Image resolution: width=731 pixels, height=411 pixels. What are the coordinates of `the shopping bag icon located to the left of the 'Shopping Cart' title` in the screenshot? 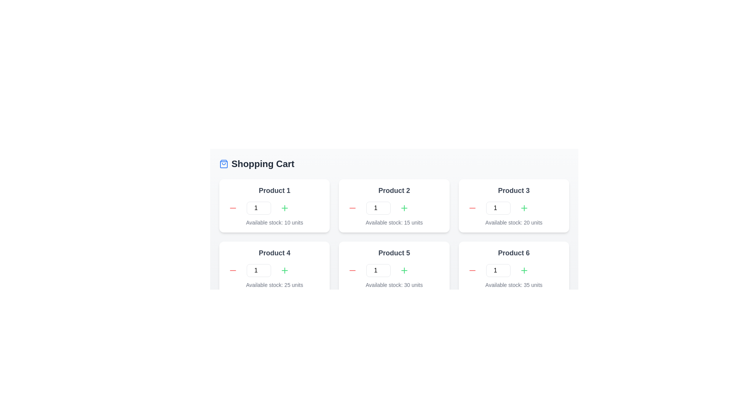 It's located at (223, 164).